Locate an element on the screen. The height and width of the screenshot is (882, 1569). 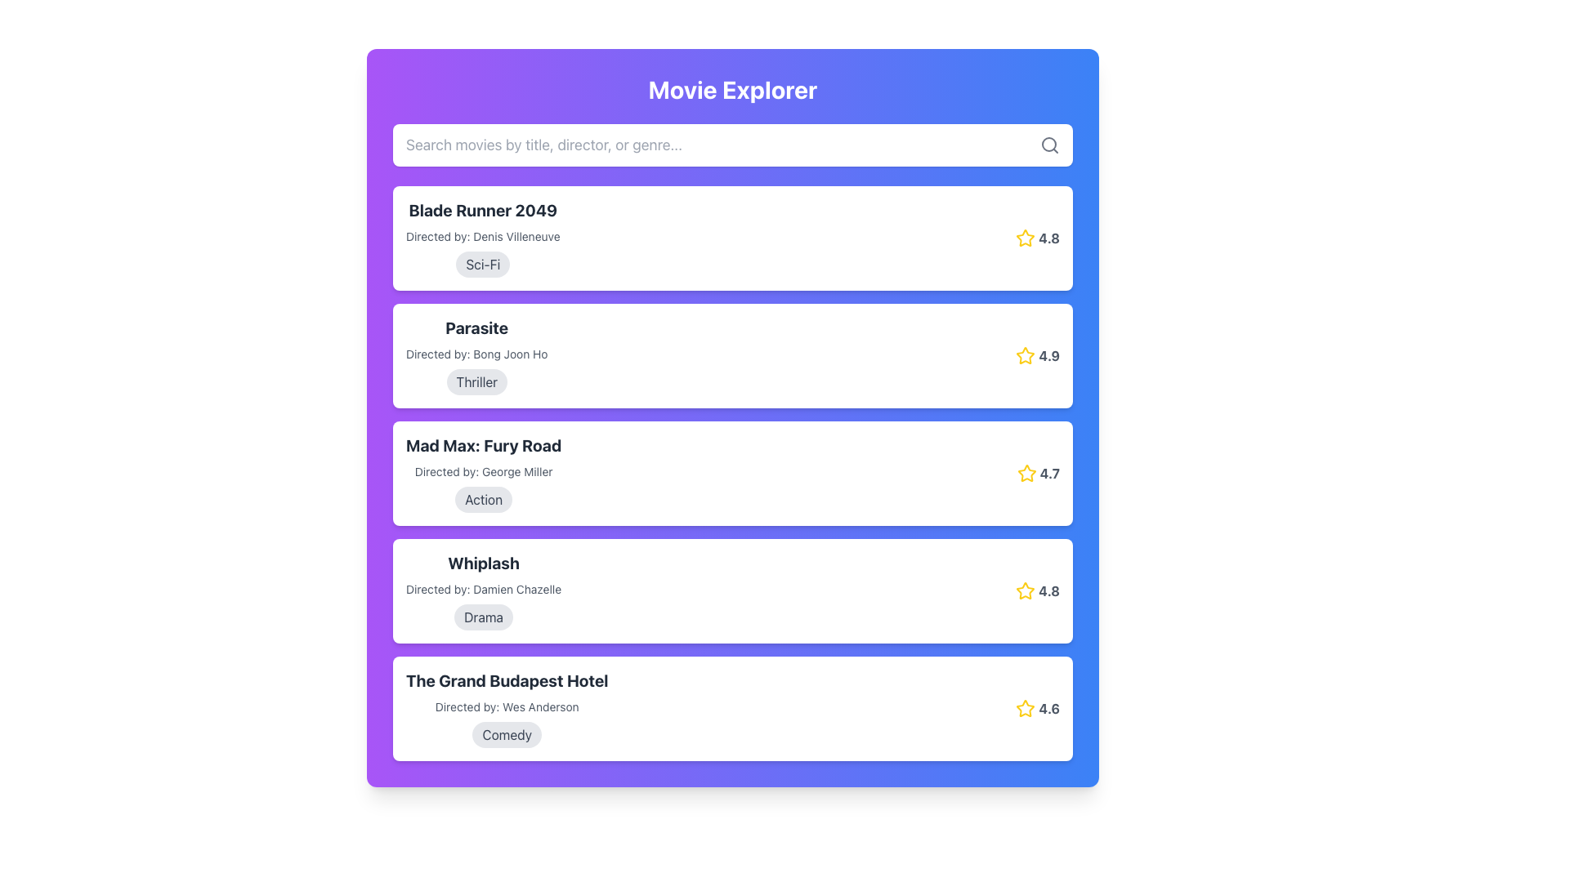
rating value displayed next to the yellow star icon, which shows '4.8' for the movie 'Blade Runner 2049' is located at coordinates (1037, 238).